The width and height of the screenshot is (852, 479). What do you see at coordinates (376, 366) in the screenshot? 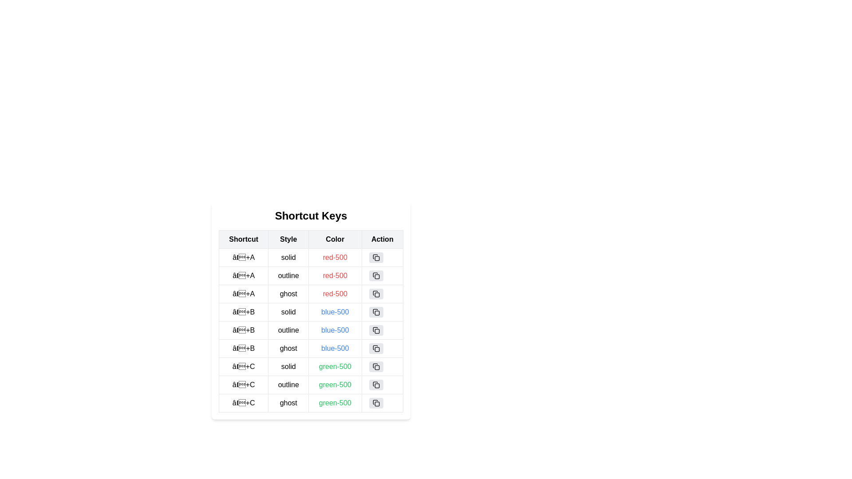
I see `the copy icon located in the Action column of the Shortcut Keys table for the row labeled 'C' solid green-500` at bounding box center [376, 366].